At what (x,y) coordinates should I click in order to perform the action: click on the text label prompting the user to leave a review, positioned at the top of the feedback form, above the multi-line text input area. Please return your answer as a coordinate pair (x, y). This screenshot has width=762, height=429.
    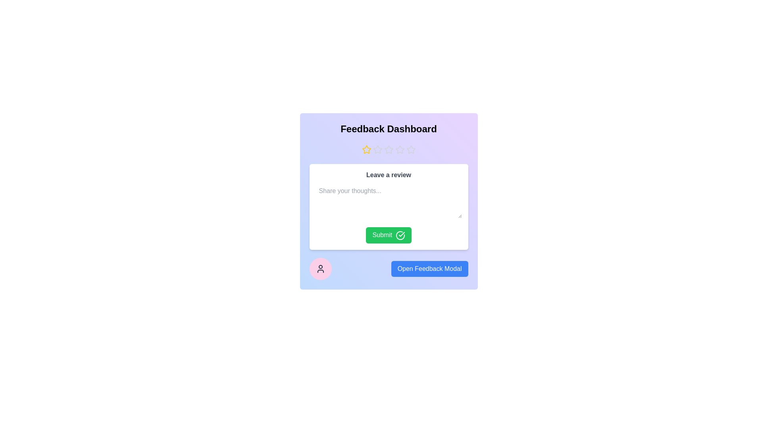
    Looking at the image, I should click on (389, 174).